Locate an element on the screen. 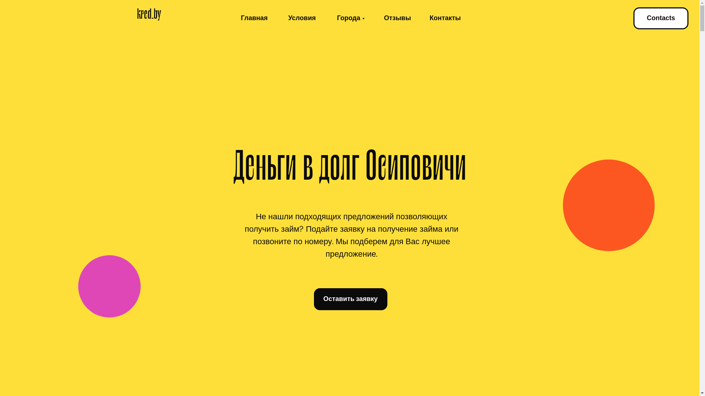  'Contacts' is located at coordinates (661, 18).